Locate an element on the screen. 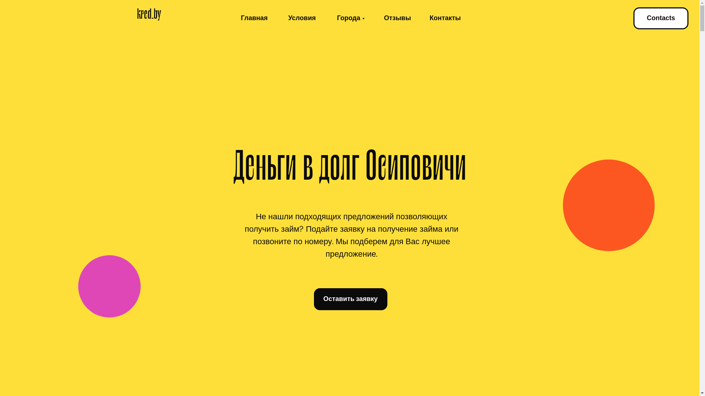  'Contacts' is located at coordinates (661, 18).